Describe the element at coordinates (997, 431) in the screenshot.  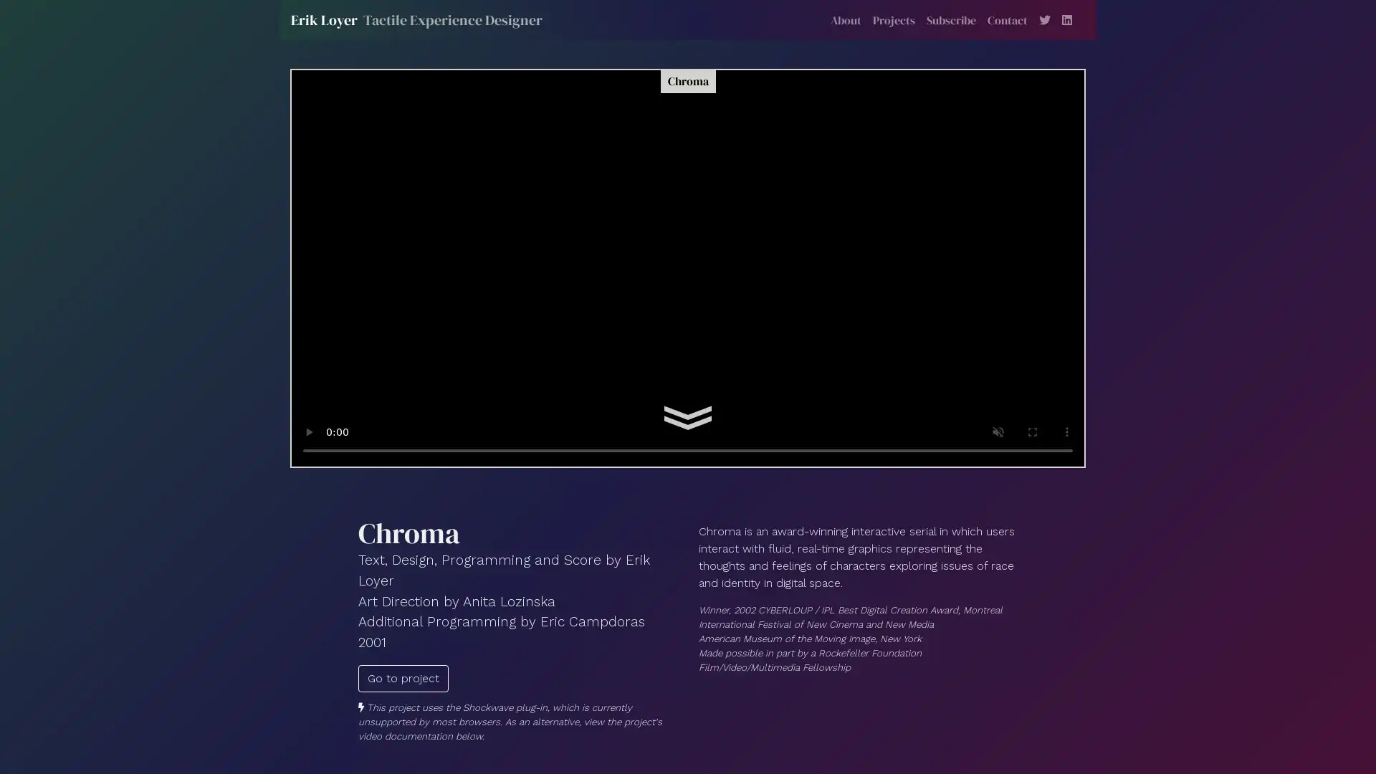
I see `unmute` at that location.